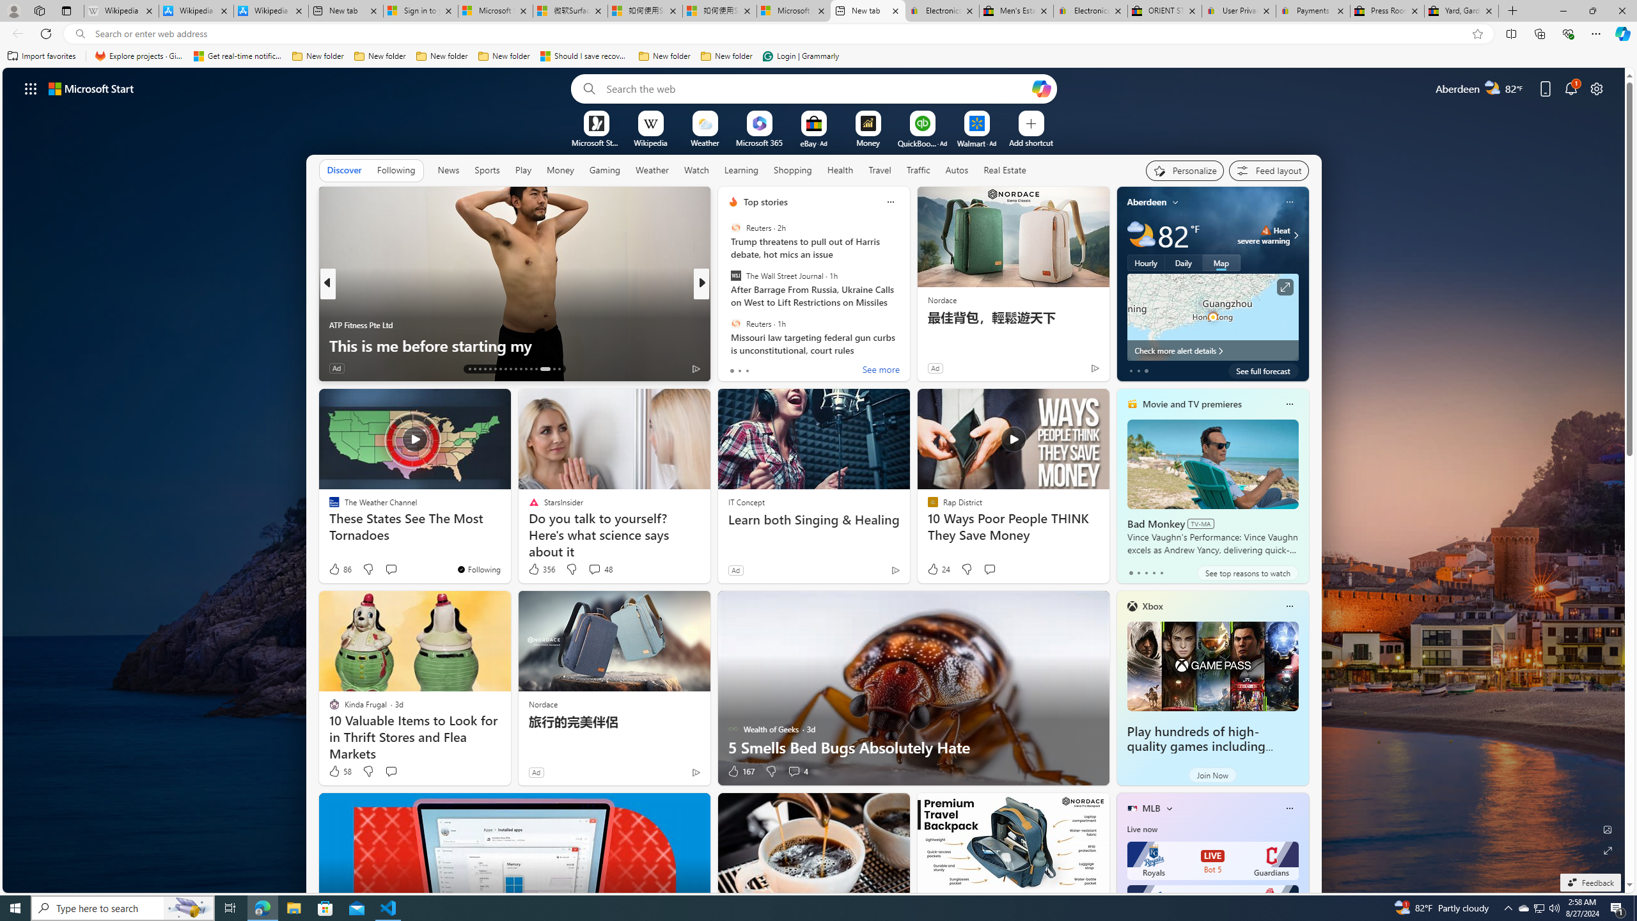 The height and width of the screenshot is (921, 1637). What do you see at coordinates (735, 276) in the screenshot?
I see `'The Wall Street Journal'` at bounding box center [735, 276].